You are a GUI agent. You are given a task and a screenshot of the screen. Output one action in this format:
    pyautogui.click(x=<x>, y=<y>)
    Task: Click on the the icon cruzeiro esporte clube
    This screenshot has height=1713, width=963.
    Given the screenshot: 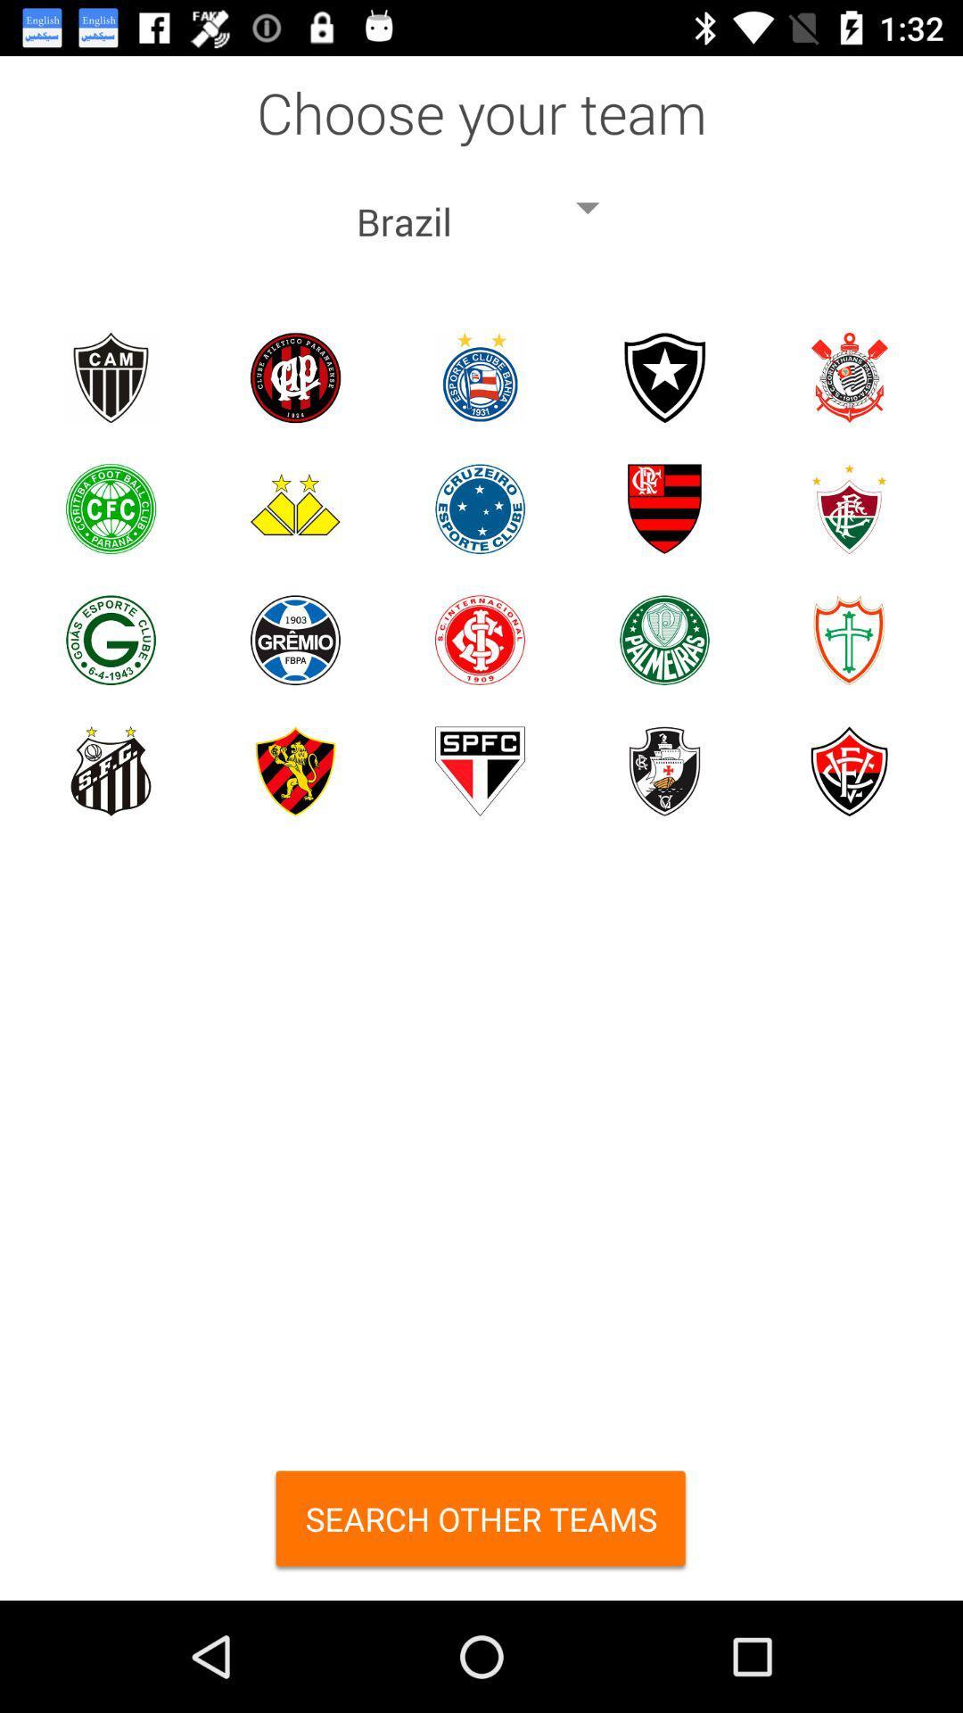 What is the action you would take?
    pyautogui.click(x=479, y=508)
    